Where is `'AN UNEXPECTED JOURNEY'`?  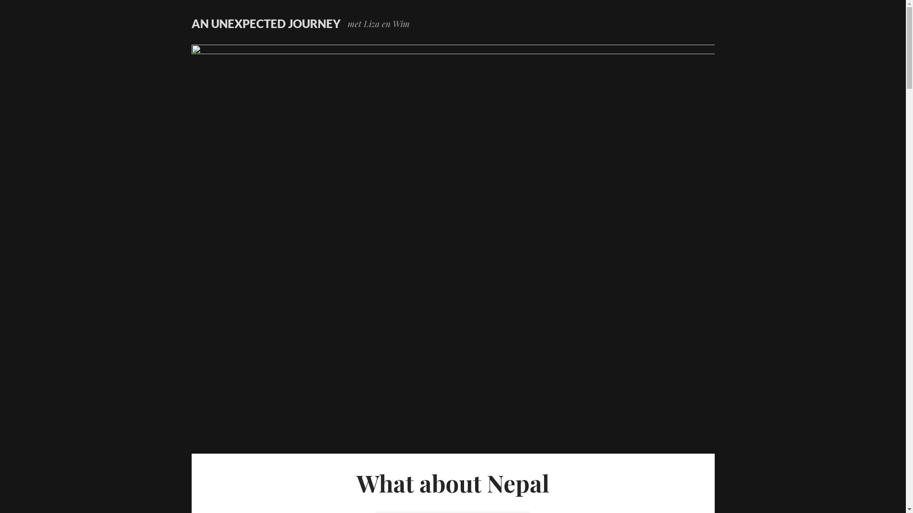
'AN UNEXPECTED JOURNEY' is located at coordinates (265, 23).